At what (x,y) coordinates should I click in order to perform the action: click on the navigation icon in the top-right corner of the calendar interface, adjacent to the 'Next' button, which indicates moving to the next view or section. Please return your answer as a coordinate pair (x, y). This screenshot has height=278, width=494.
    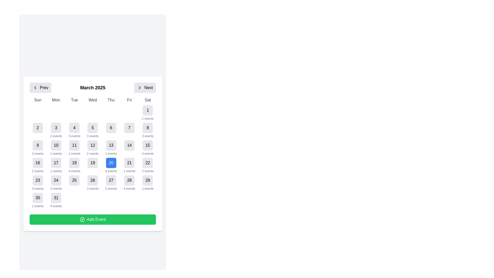
    Looking at the image, I should click on (140, 87).